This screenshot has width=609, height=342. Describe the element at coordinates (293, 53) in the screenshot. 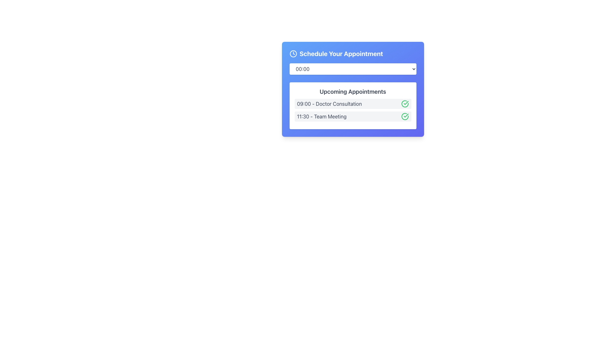

I see `the decorative SVG circle element that represents the center of the clock icon, which is located to the left of the 'Schedule Your Appointment' header text` at that location.